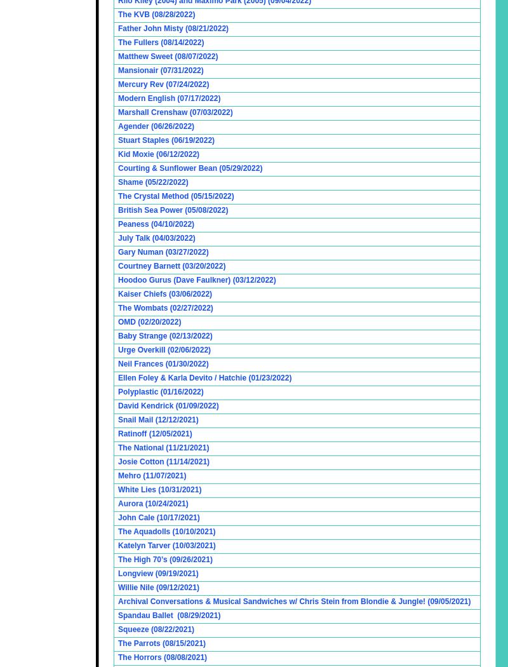  What do you see at coordinates (152, 181) in the screenshot?
I see `'Shame (05/22/2022)'` at bounding box center [152, 181].